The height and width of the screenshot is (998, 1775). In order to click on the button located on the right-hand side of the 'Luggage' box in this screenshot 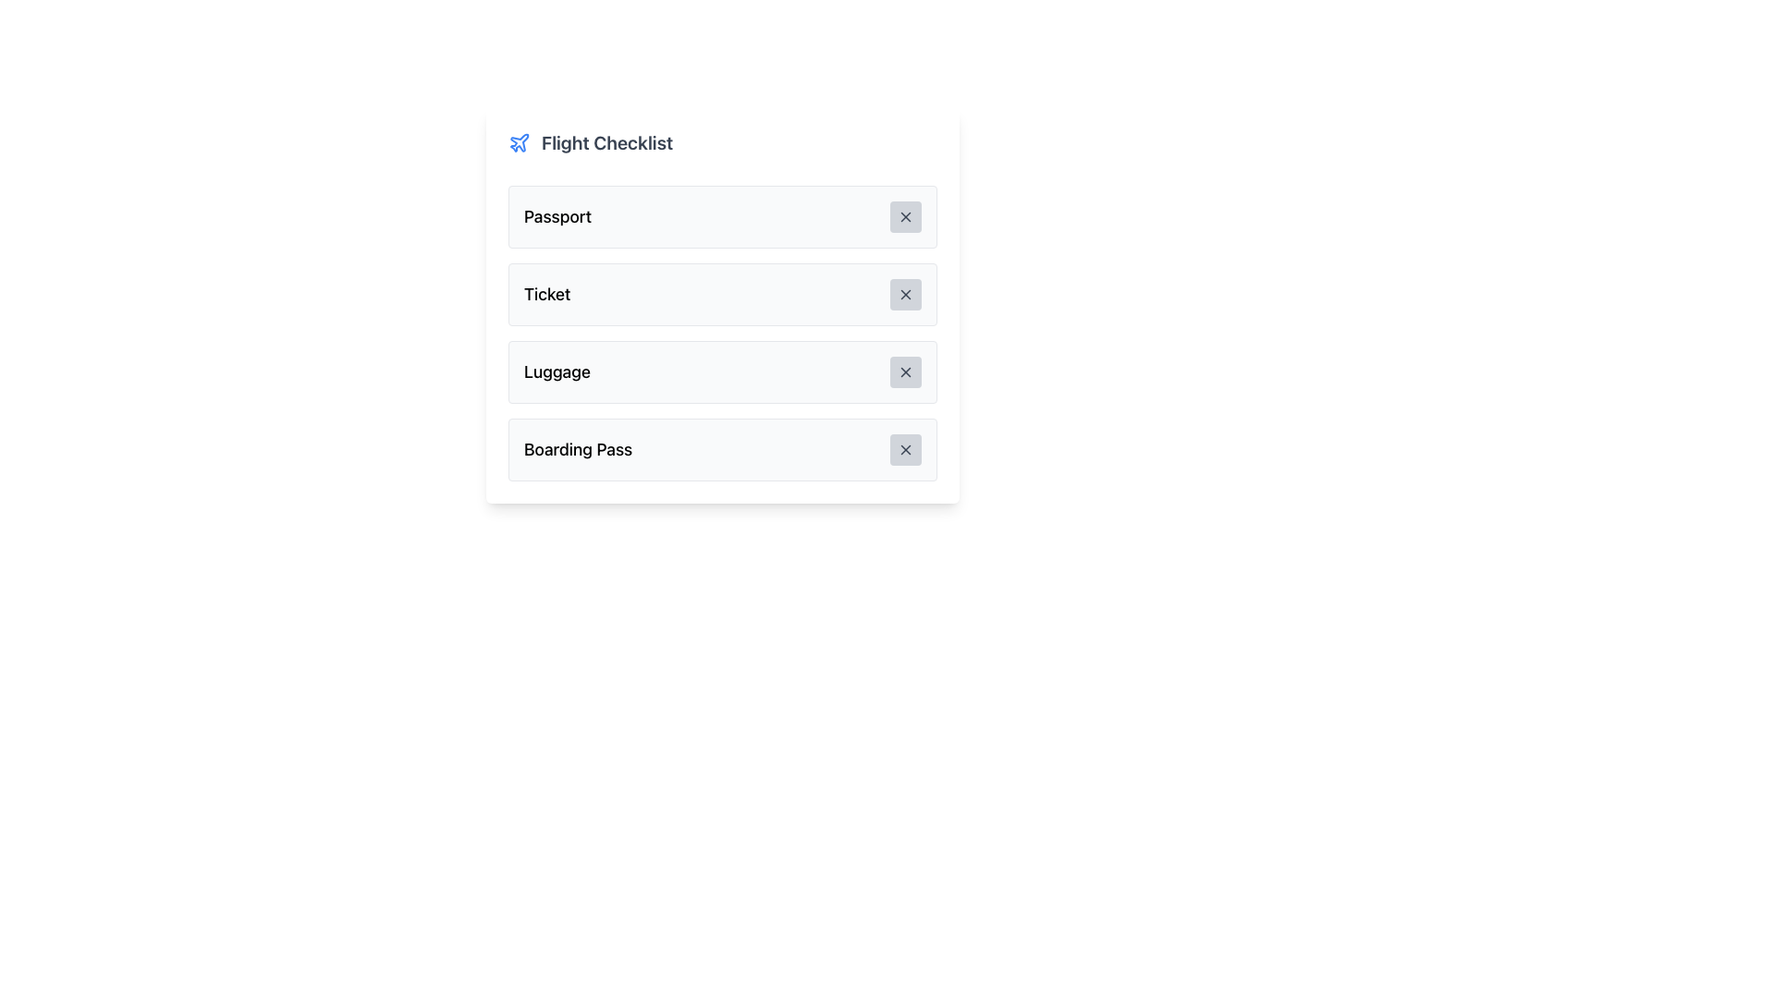, I will do `click(905, 371)`.